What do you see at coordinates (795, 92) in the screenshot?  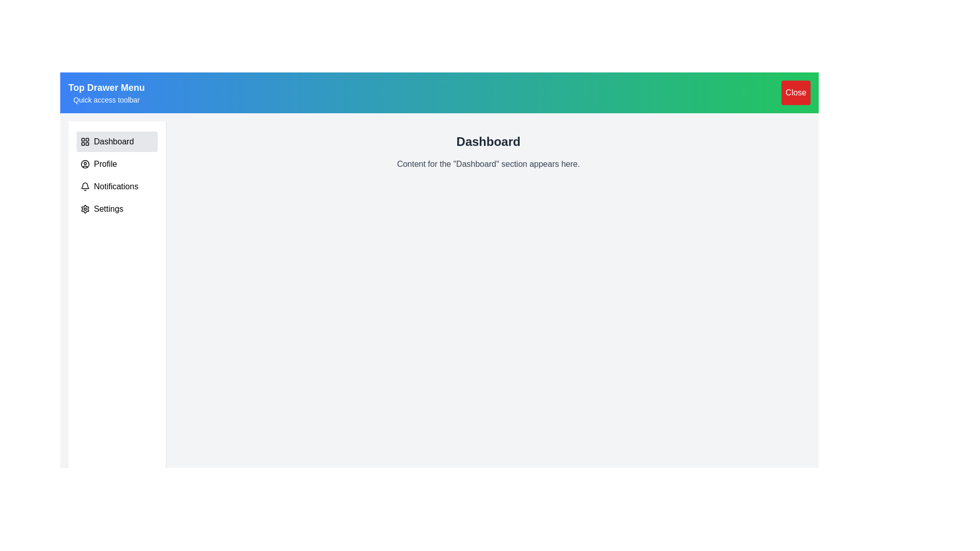 I see `the 'Close' button to toggle the visibility of the top drawer menu` at bounding box center [795, 92].